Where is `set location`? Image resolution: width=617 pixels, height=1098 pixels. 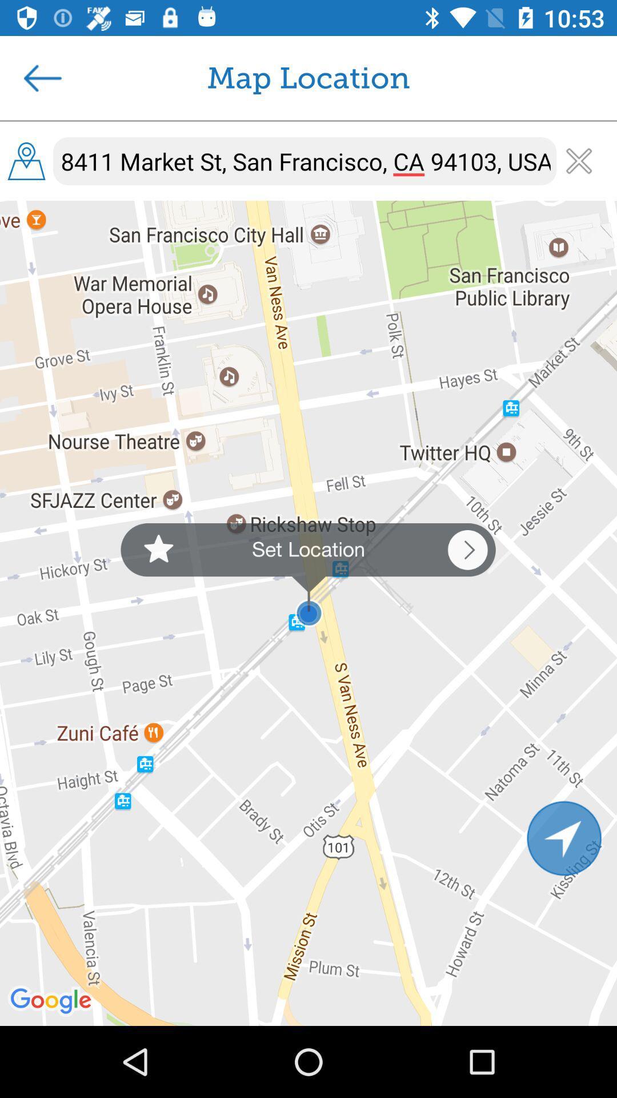
set location is located at coordinates (307, 575).